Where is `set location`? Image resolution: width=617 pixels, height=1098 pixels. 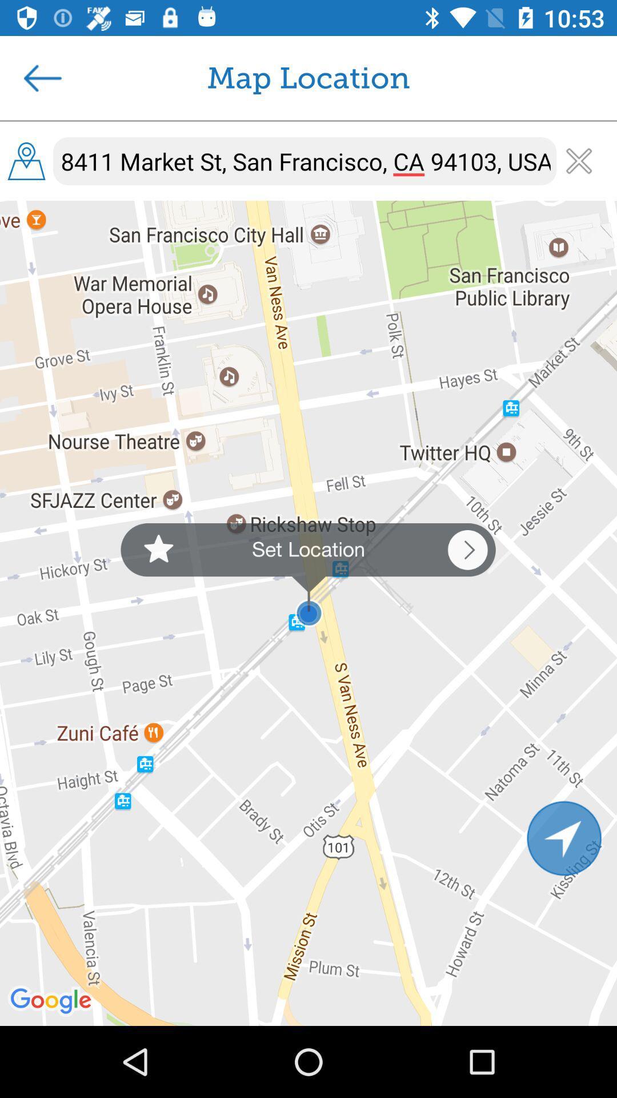
set location is located at coordinates (307, 575).